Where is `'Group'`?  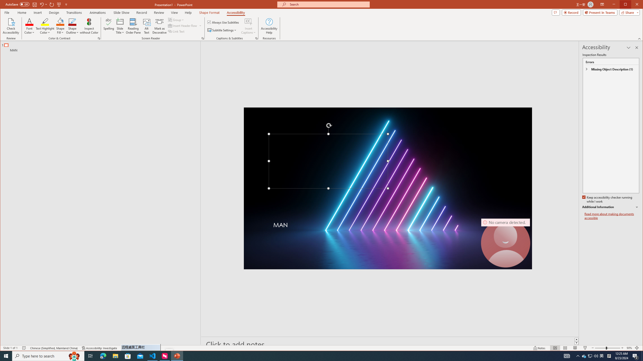 'Group' is located at coordinates (176, 20).